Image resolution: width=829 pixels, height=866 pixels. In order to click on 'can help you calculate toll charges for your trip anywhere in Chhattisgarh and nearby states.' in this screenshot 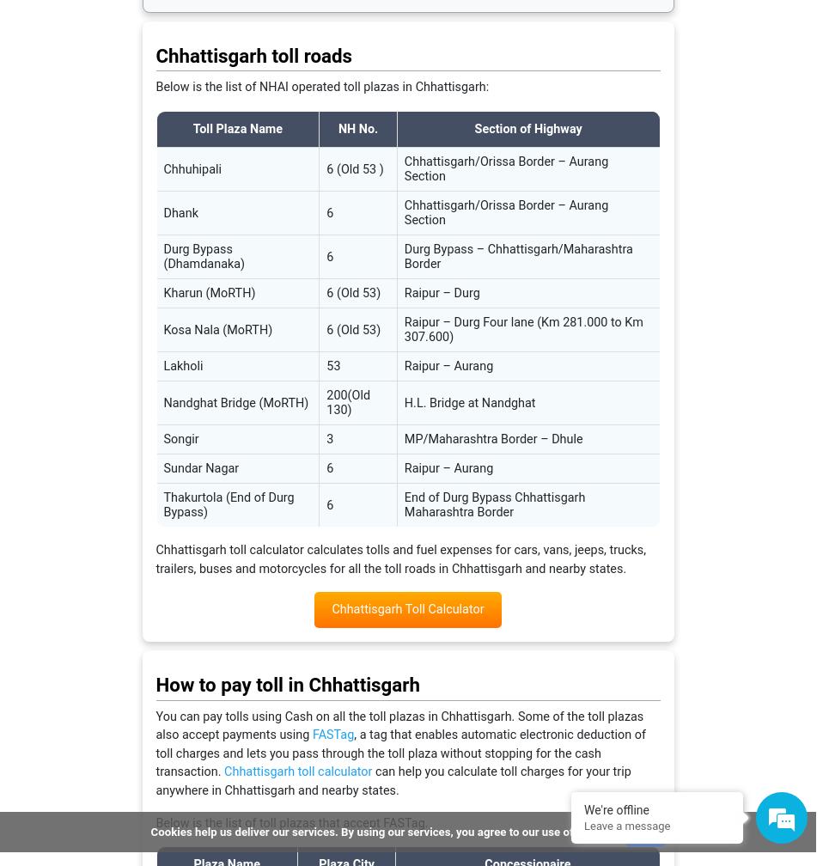, I will do `click(392, 781)`.